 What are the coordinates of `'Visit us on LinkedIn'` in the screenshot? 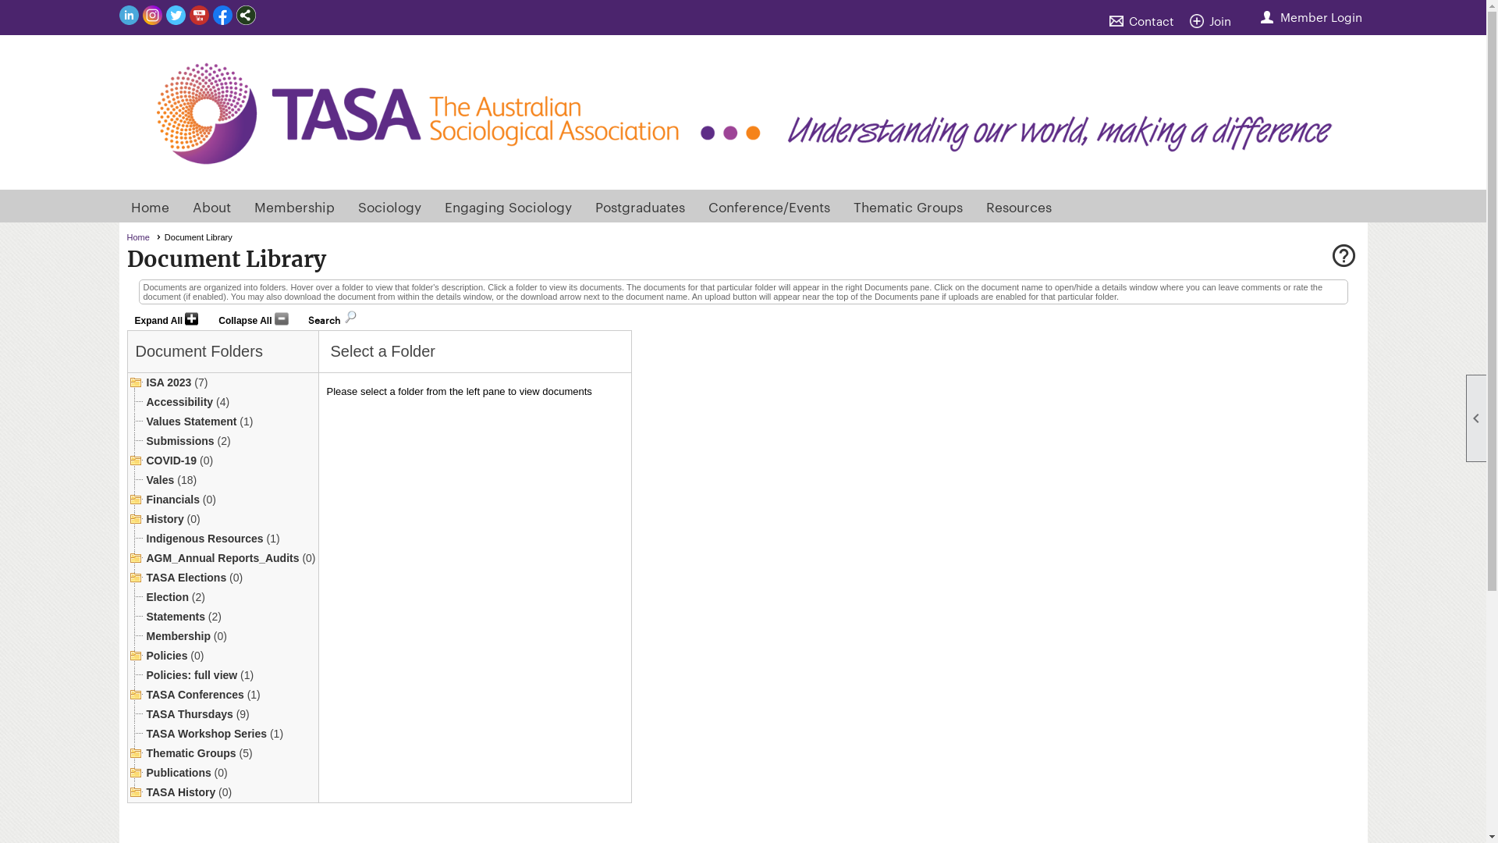 It's located at (128, 16).